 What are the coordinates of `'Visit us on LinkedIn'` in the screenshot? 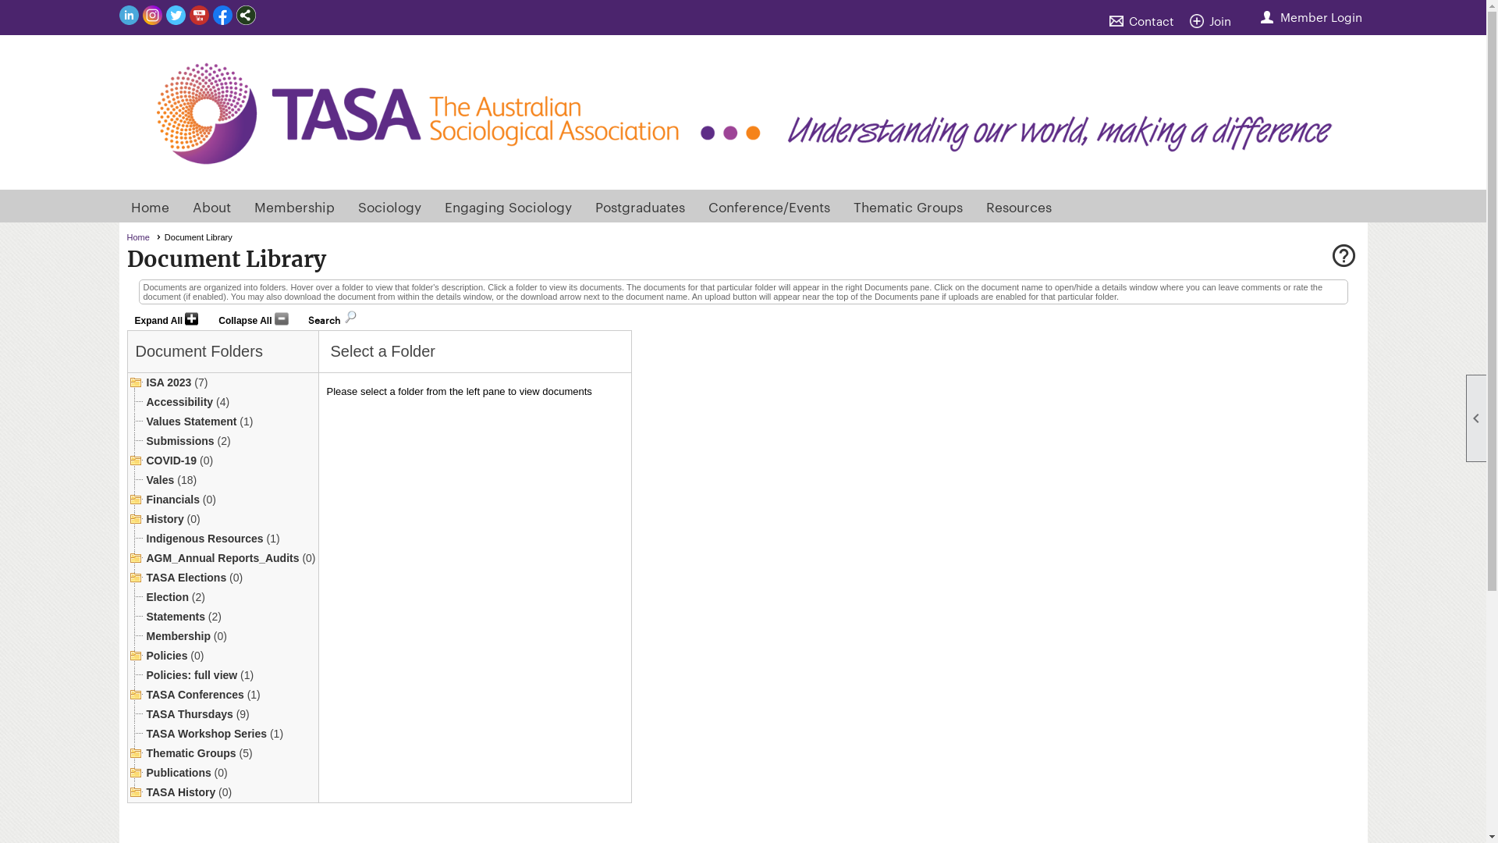 It's located at (128, 16).